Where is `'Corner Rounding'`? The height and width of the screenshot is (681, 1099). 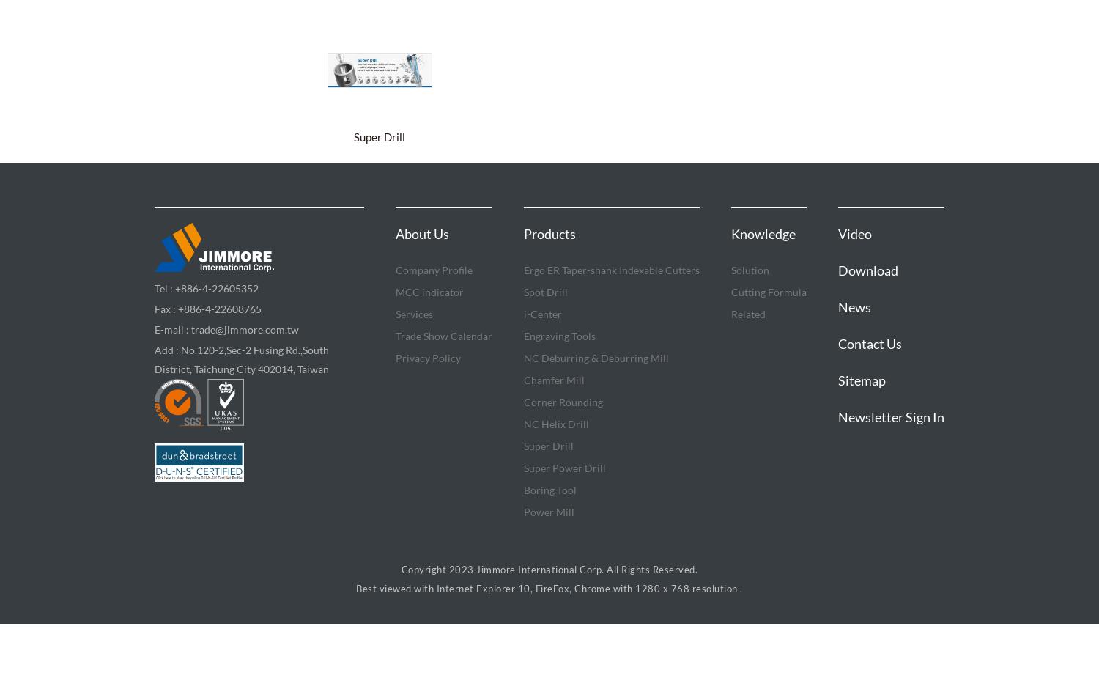
'Corner Rounding' is located at coordinates (563, 402).